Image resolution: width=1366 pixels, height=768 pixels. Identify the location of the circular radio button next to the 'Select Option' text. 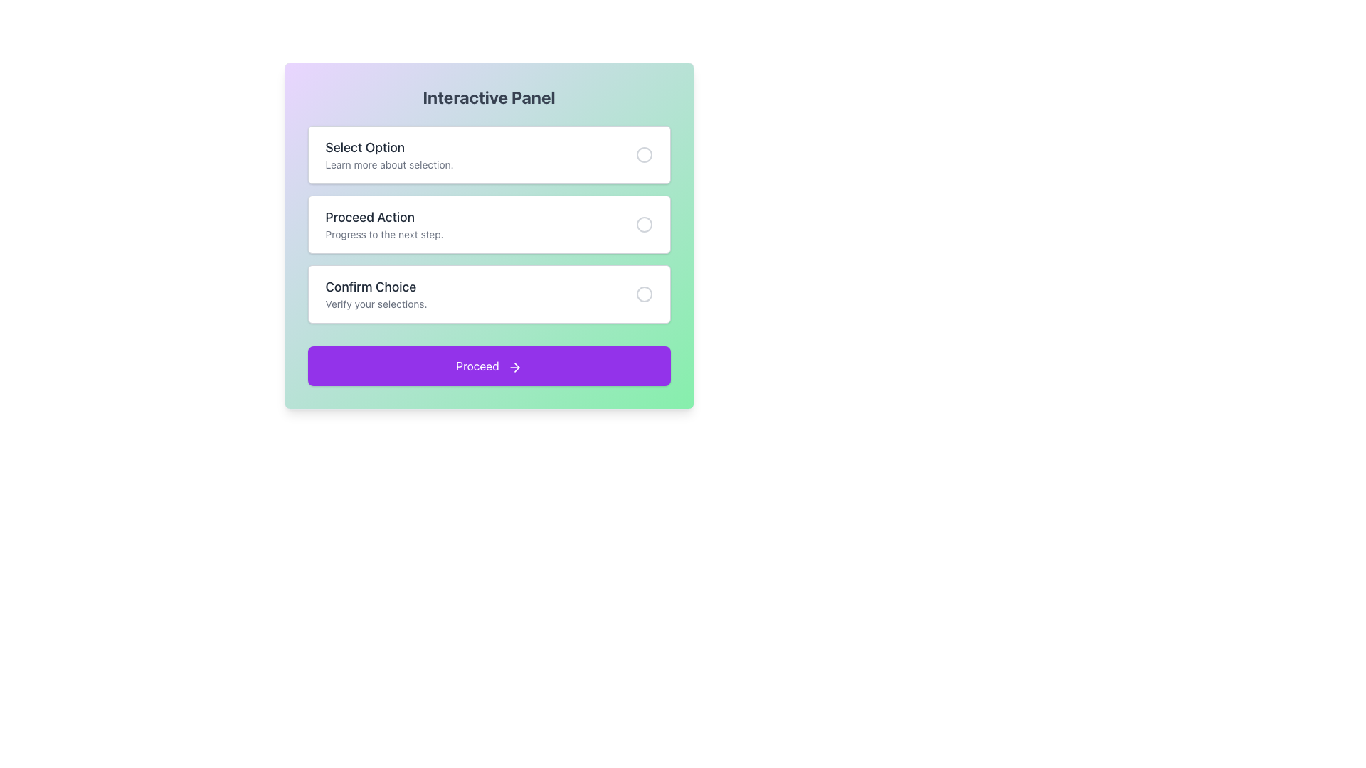
(643, 155).